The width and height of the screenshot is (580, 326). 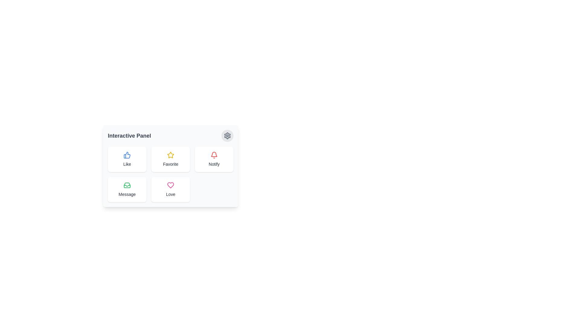 What do you see at coordinates (227, 136) in the screenshot?
I see `the settings icon, represented by a gray cogwheel shape, located in the top-right corner of the interactive panel` at bounding box center [227, 136].